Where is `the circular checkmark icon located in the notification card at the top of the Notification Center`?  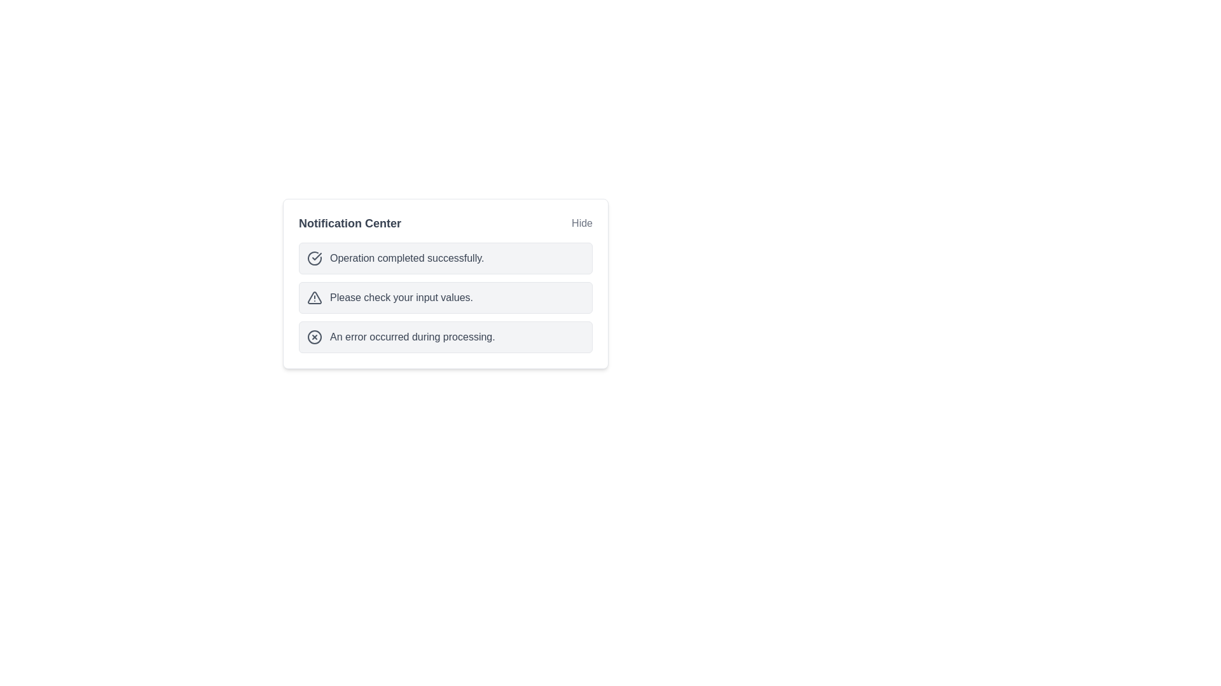 the circular checkmark icon located in the notification card at the top of the Notification Center is located at coordinates (314, 258).